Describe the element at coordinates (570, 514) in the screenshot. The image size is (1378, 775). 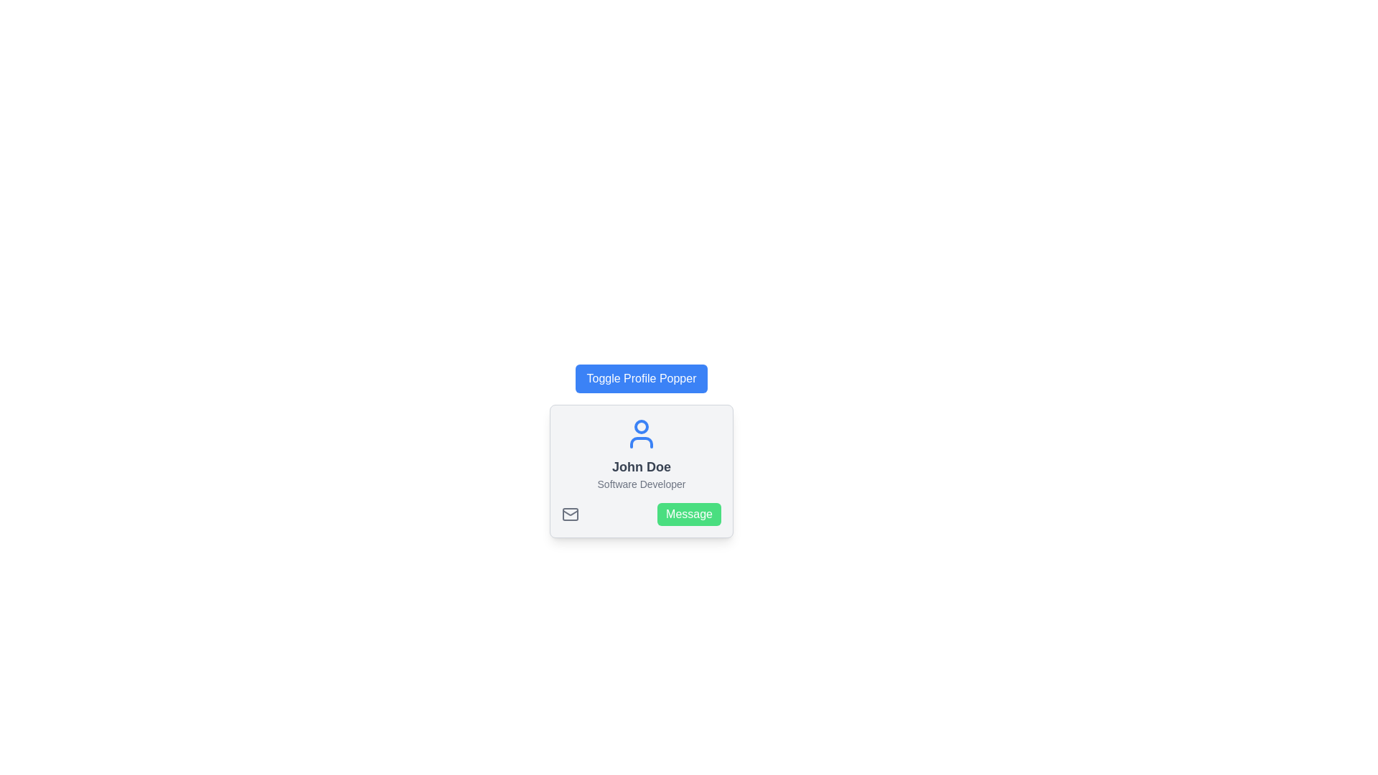
I see `the decorative graphical element of the envelope icon located in the bottom-left area of the user card, using surrounding clickable regions if interactive behavior is associated` at that location.